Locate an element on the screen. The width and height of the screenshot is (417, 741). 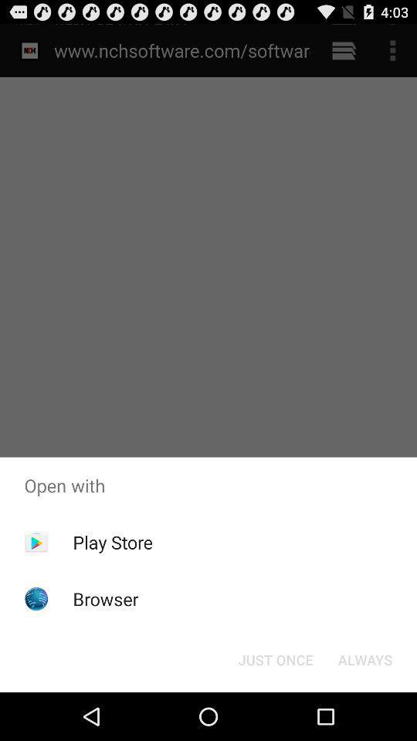
the always at the bottom right corner is located at coordinates (364, 658).